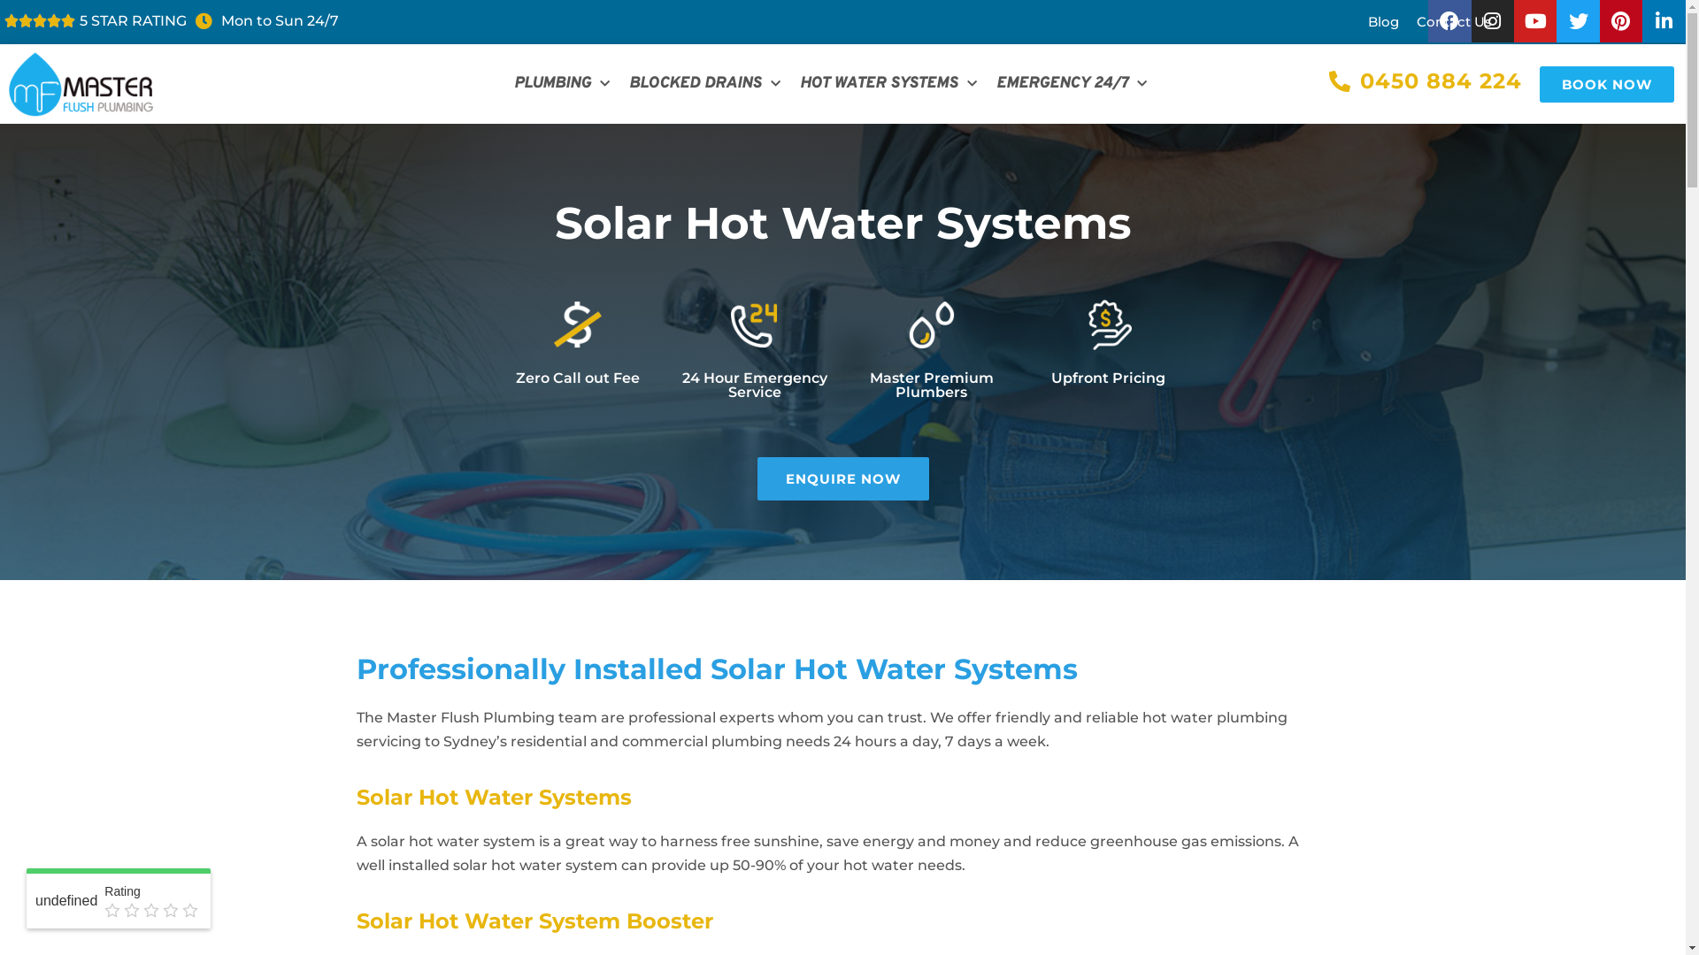 The height and width of the screenshot is (955, 1699). I want to click on 'HOT WATER SYSTEMS', so click(794, 84).